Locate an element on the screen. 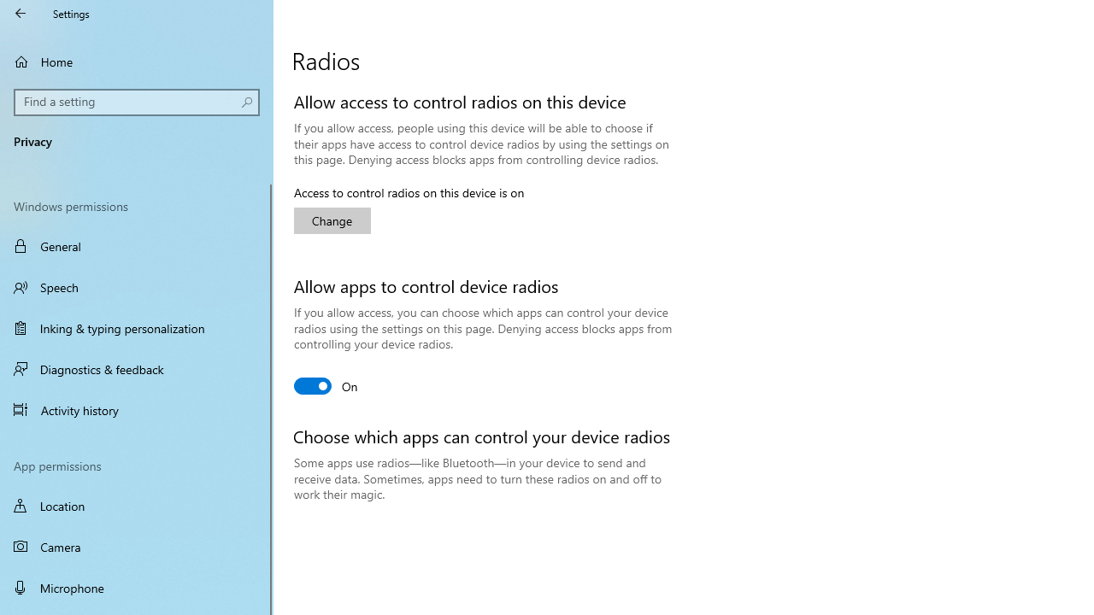 Image resolution: width=1094 pixels, height=615 pixels. 'Location' is located at coordinates (137, 505).